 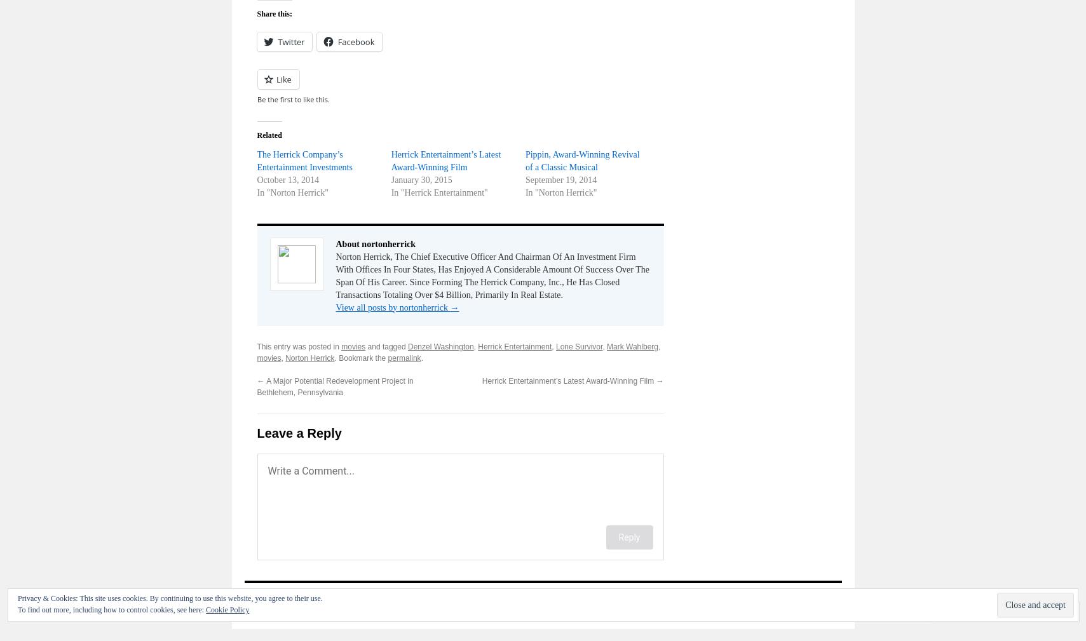 I want to click on 'Reply', so click(x=629, y=537).